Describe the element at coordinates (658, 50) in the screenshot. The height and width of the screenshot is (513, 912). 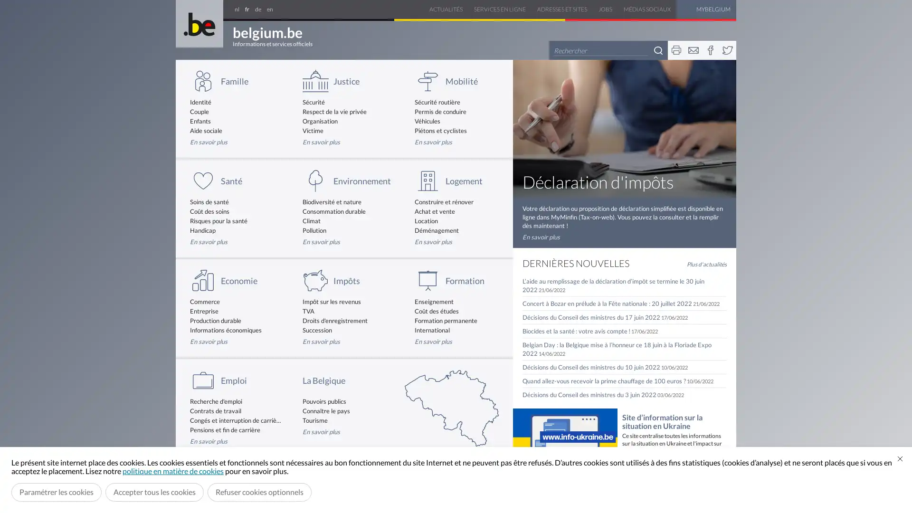
I see `Chercher` at that location.